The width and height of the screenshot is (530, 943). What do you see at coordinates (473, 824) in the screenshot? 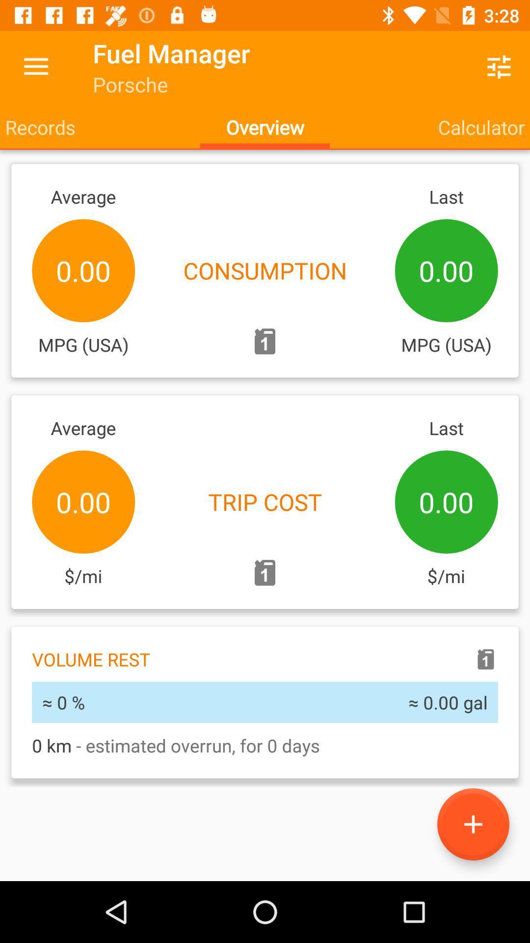
I see `more` at bounding box center [473, 824].